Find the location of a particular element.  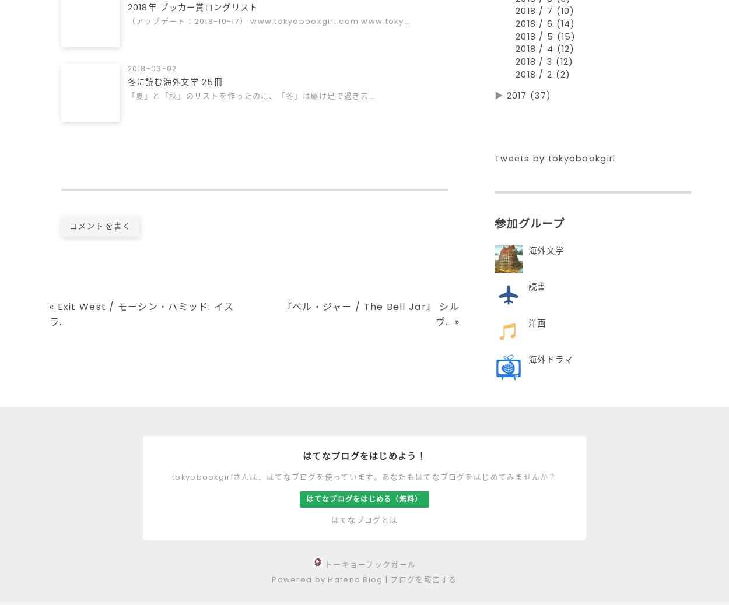

'2018 / 6' is located at coordinates (535, 29).